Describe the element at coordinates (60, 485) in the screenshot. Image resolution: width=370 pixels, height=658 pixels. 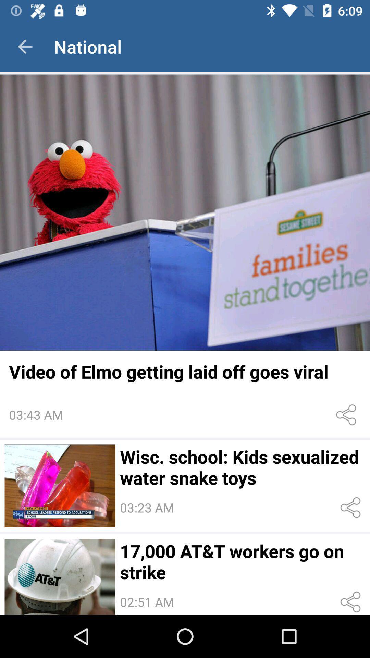
I see `open video` at that location.